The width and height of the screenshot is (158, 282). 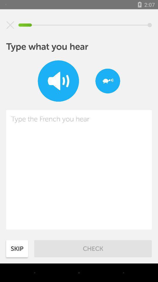 I want to click on item next to the skip item, so click(x=93, y=248).